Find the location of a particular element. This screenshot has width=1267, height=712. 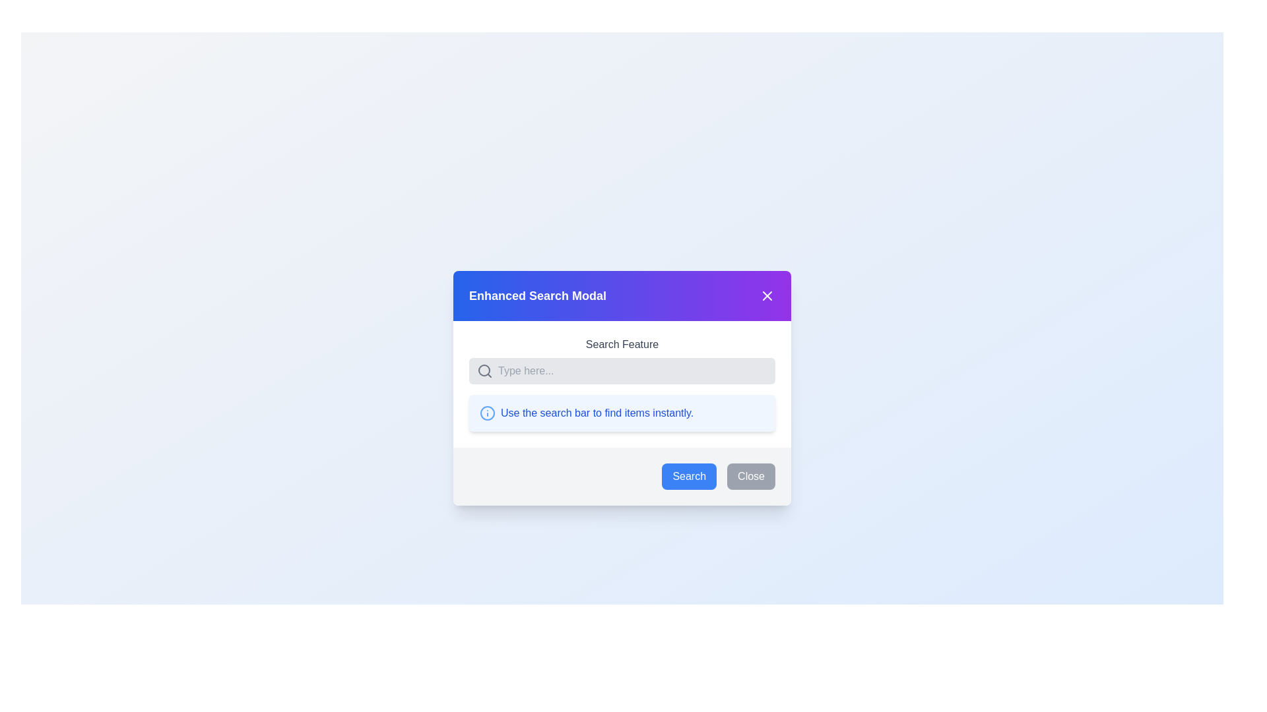

the inner circle of the search icon located within the search bar at the top-left of the 'Enhanced Search Modal' is located at coordinates (484, 371).